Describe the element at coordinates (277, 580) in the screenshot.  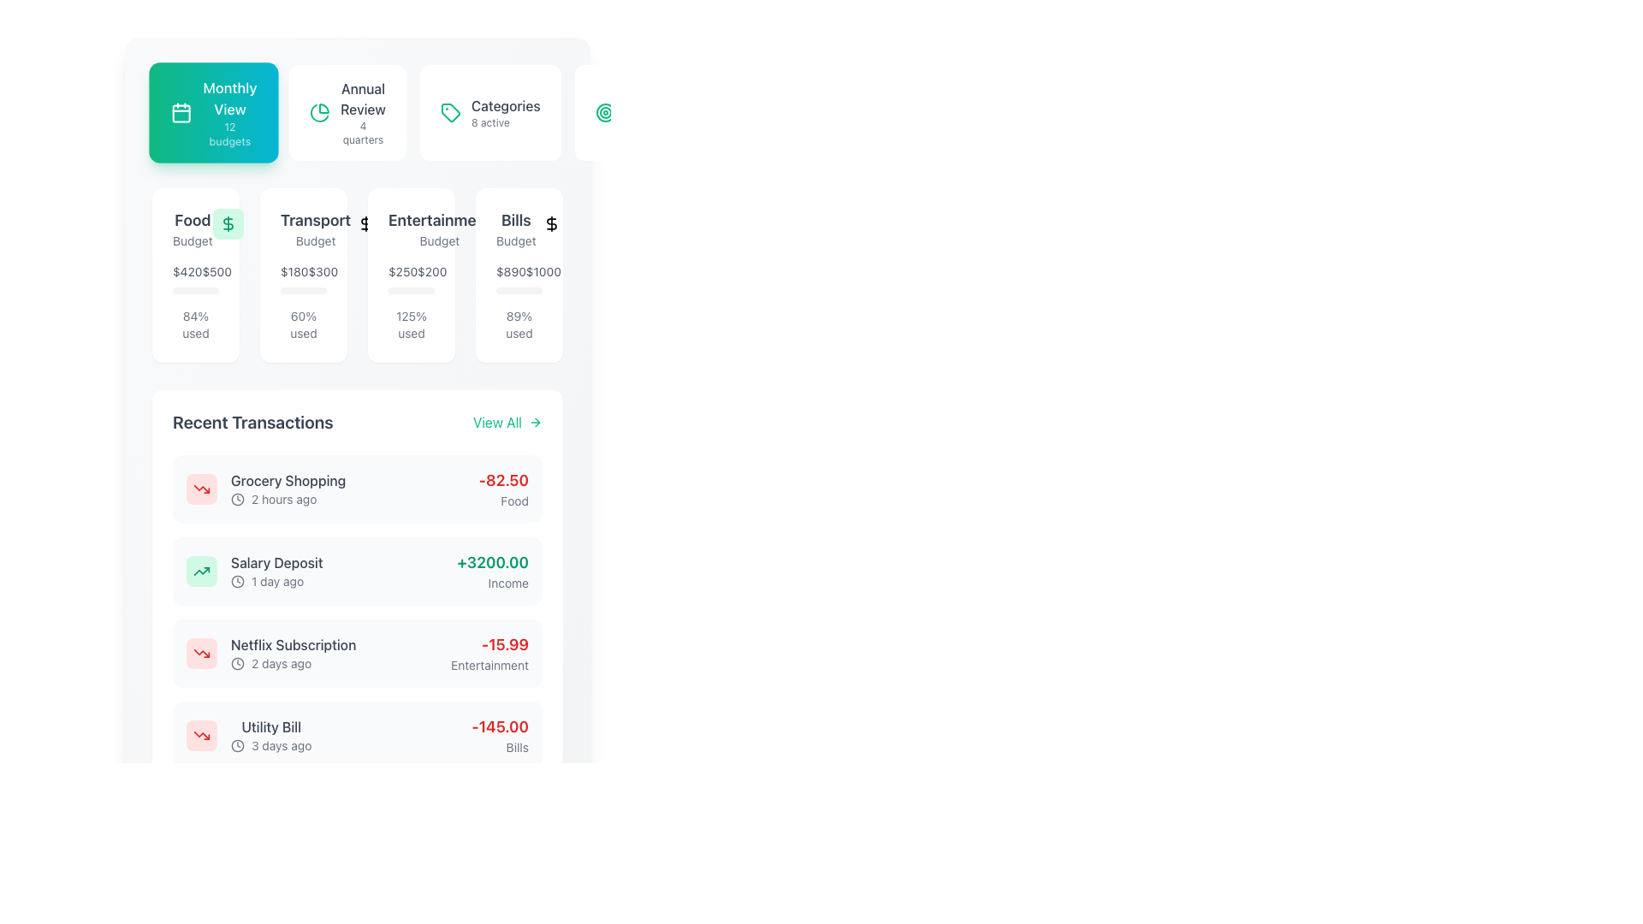
I see `the text label indicating the elapsed time for the 'Salary Deposit' transaction located in the second row of the 'Recent Transactions' section` at that location.